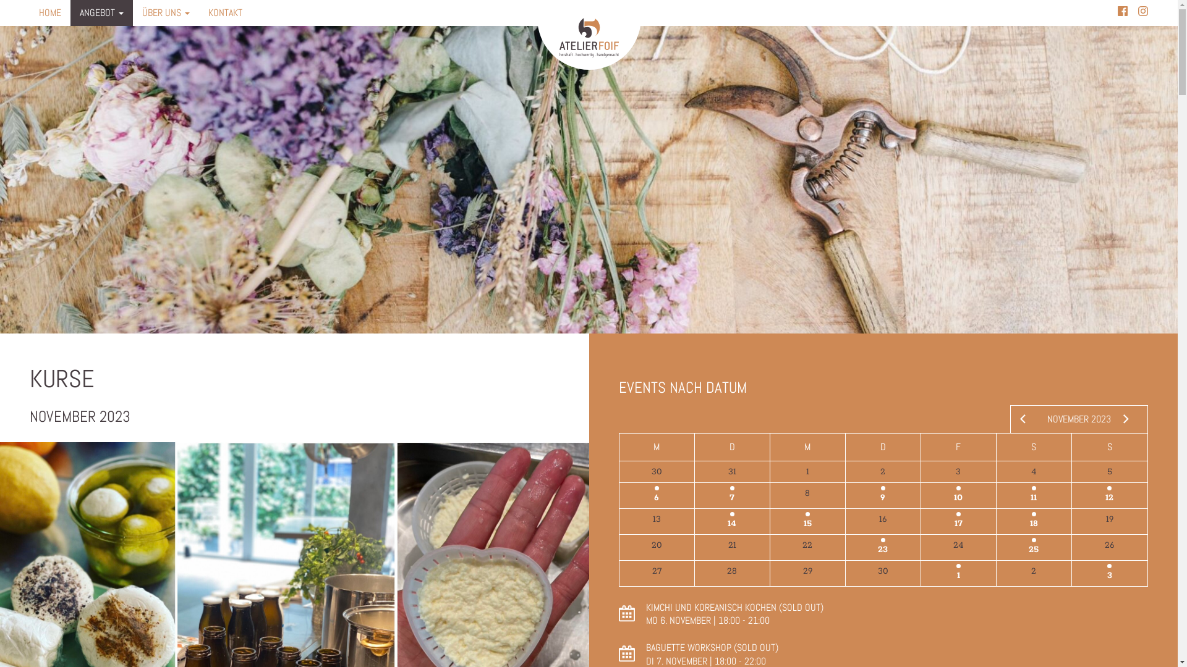 The width and height of the screenshot is (1187, 667). Describe the element at coordinates (1034, 471) in the screenshot. I see `'0 VERANSTALTUNGEN,` at that location.